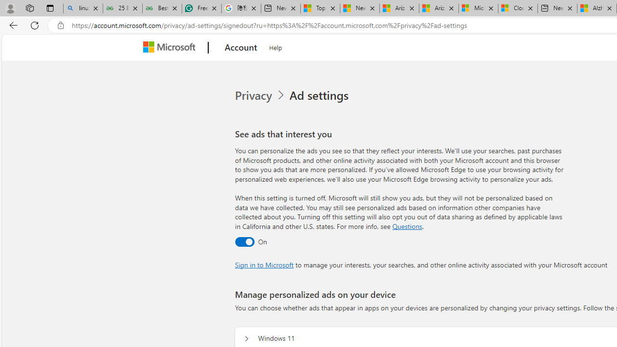 The width and height of the screenshot is (617, 347). Describe the element at coordinates (122, 8) in the screenshot. I see `'25 Basic Linux Commands For Beginners - GeeksforGeeks'` at that location.